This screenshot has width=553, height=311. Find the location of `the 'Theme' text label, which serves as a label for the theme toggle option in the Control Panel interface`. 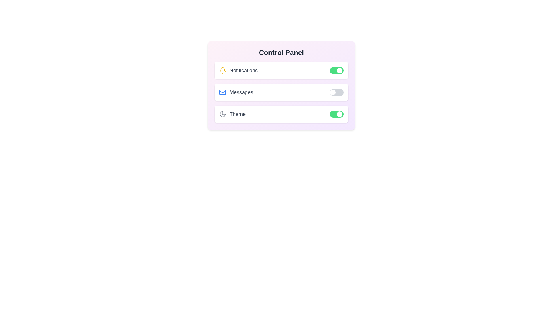

the 'Theme' text label, which serves as a label for the theme toggle option in the Control Panel interface is located at coordinates (238, 114).